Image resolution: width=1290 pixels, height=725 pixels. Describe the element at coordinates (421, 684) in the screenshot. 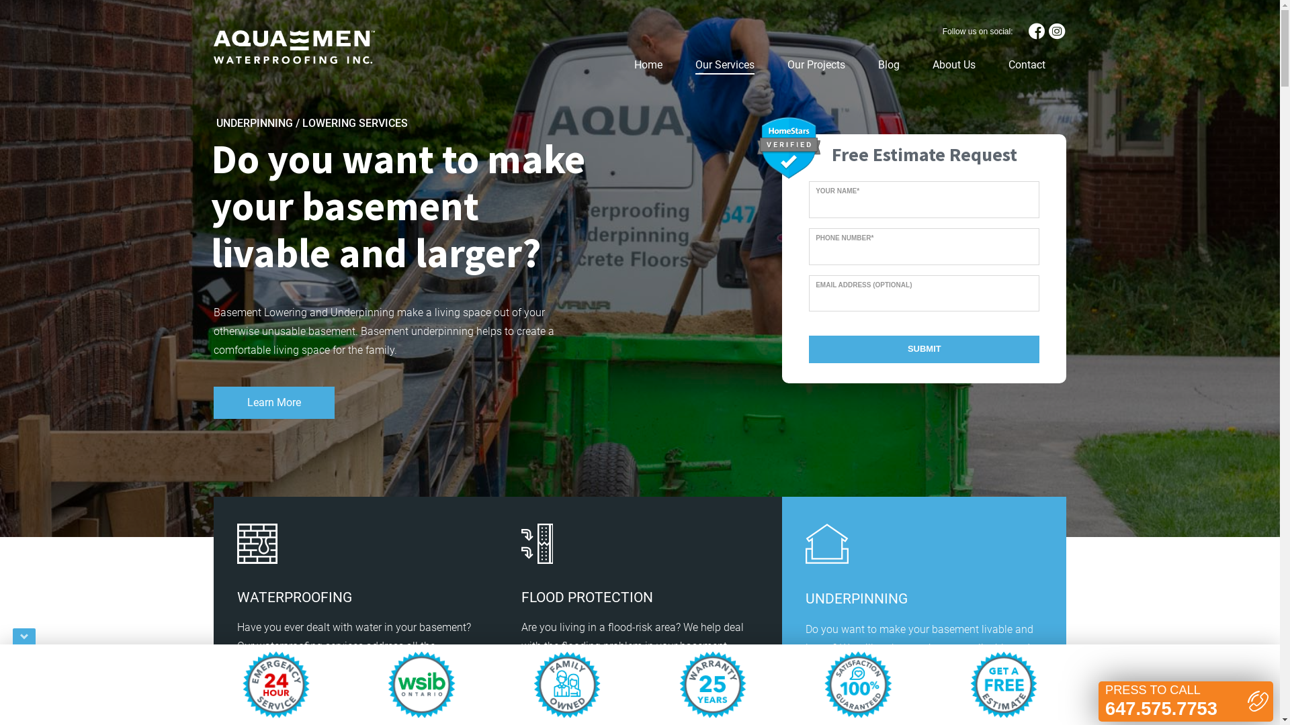

I see `'Aquamen-WSIB'` at that location.